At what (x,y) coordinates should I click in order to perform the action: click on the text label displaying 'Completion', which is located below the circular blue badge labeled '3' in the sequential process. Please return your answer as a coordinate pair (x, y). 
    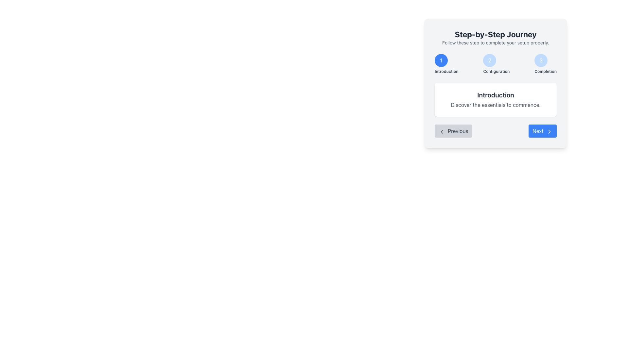
    Looking at the image, I should click on (546, 71).